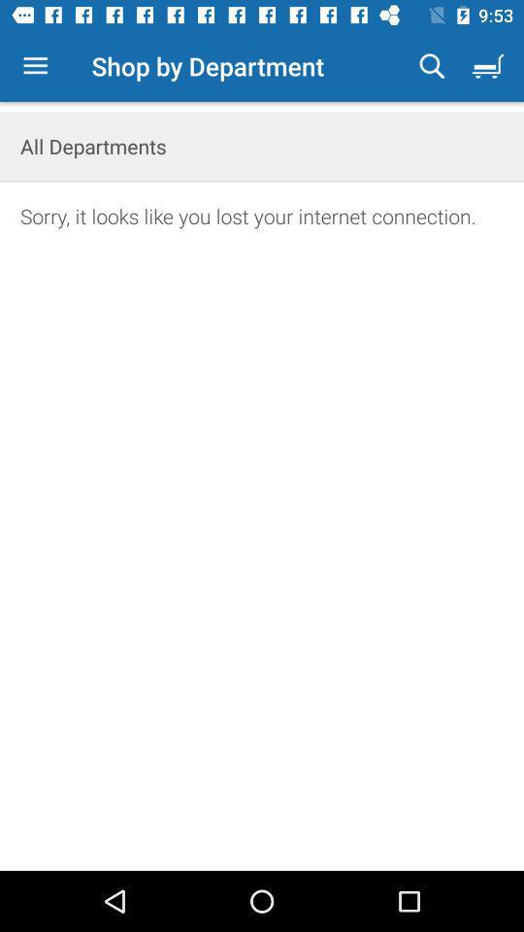 Image resolution: width=524 pixels, height=932 pixels. I want to click on item to the left of shop by department icon, so click(35, 66).